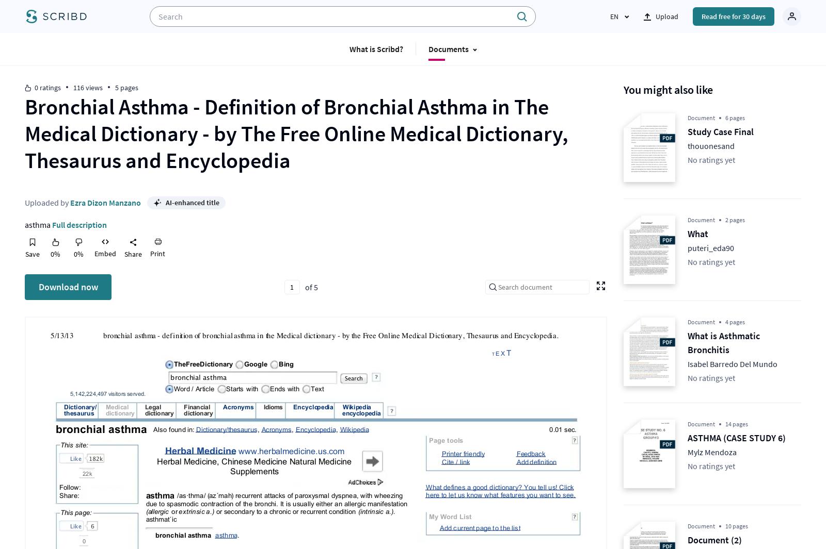 This screenshot has height=549, width=826. What do you see at coordinates (737, 526) in the screenshot?
I see `'10 pages'` at bounding box center [737, 526].